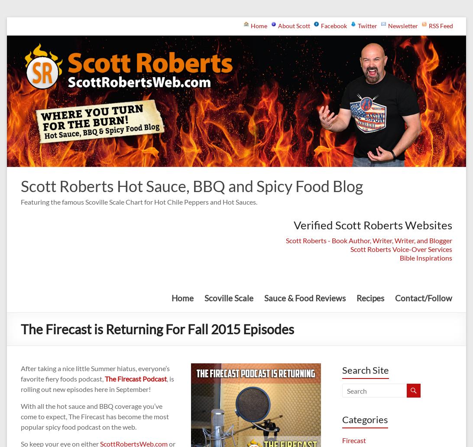 The image size is (473, 447). Describe the element at coordinates (350, 248) in the screenshot. I see `'Scott Roberts Voice-Over Services'` at that location.